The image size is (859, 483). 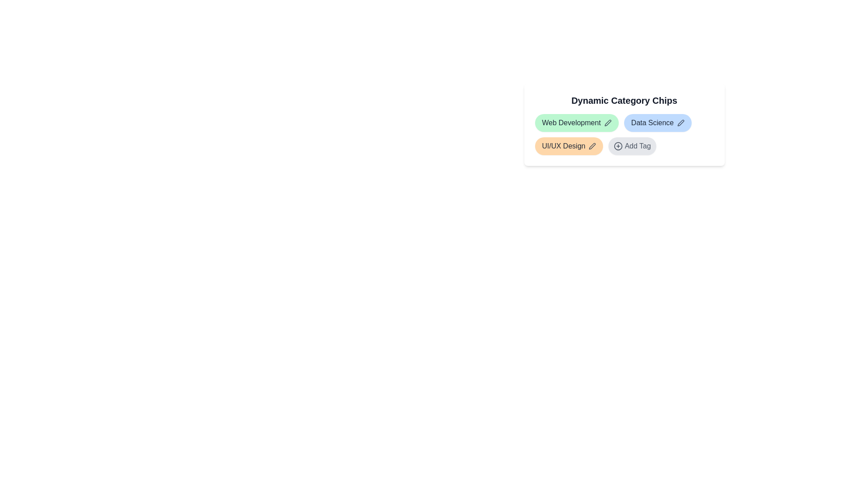 I want to click on the edit icon next to the tag labeled Web Development, so click(x=608, y=123).